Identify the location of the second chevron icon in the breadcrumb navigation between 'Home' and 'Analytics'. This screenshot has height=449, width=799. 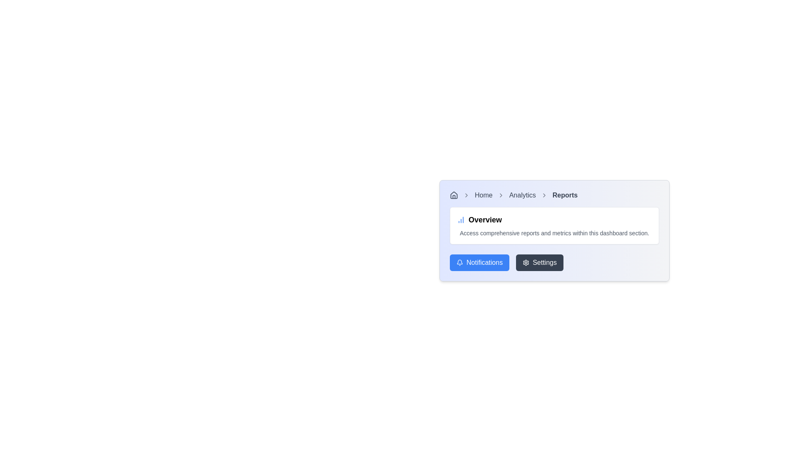
(500, 195).